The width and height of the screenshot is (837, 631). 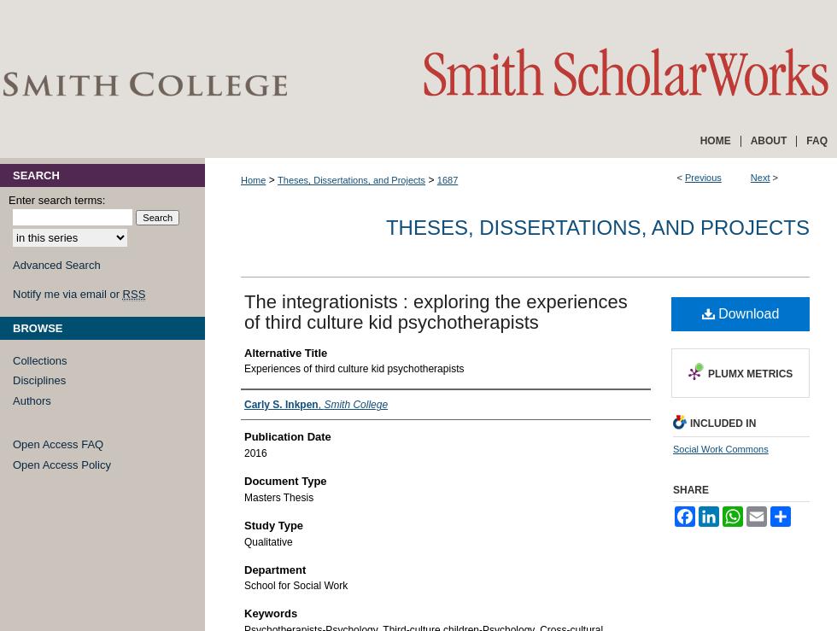 I want to click on 'Authors', so click(x=32, y=400).